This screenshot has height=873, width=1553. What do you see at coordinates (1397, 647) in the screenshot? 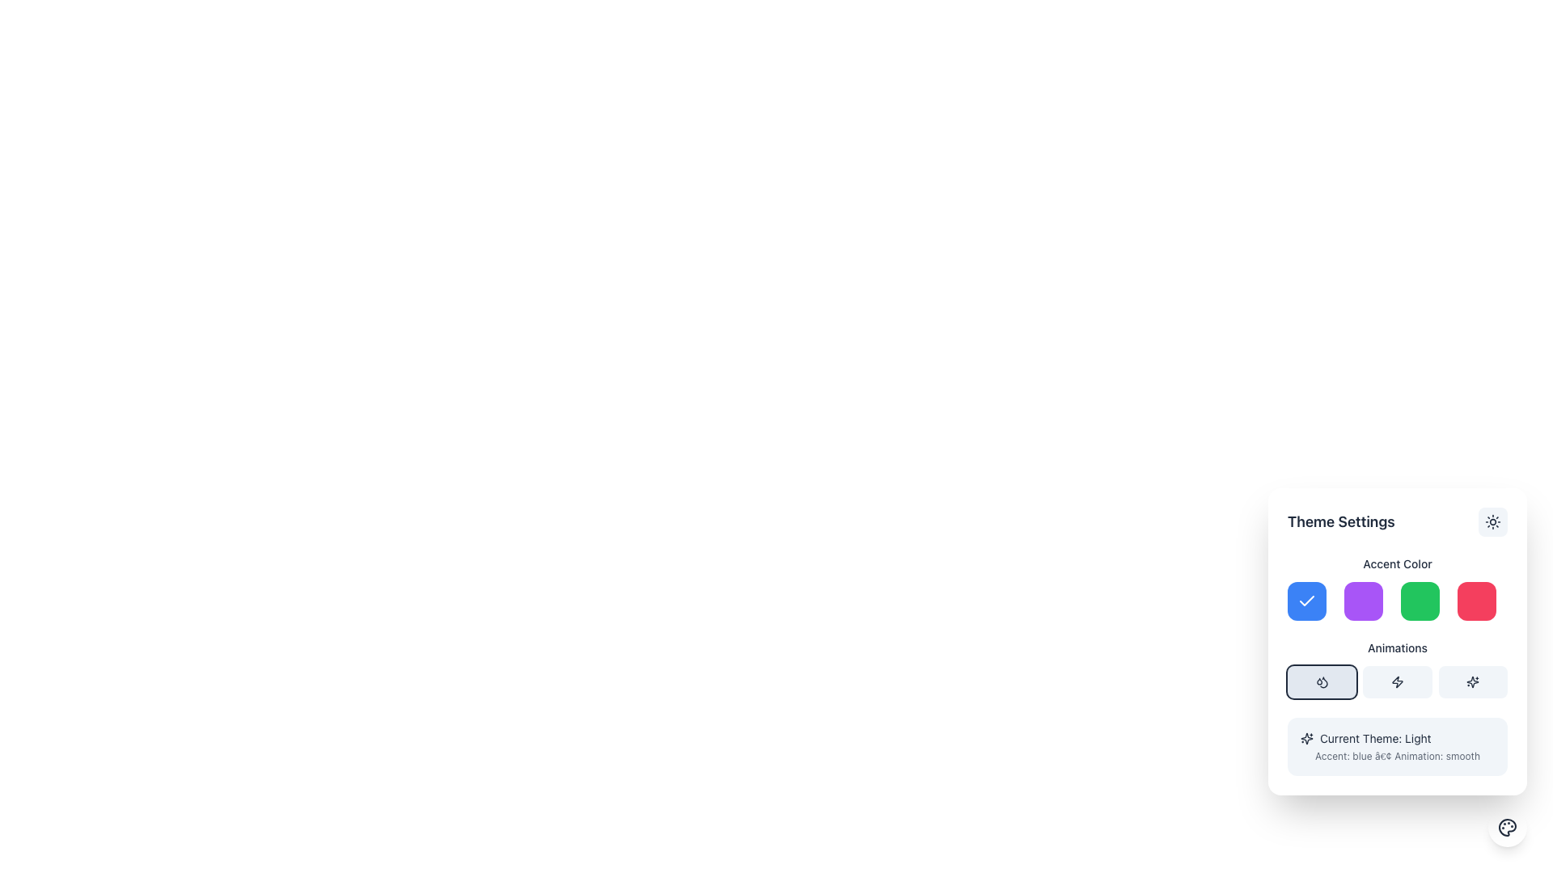
I see `the label indicating animation-related settings located at the center of the interface card, directly below the color selection options` at bounding box center [1397, 647].